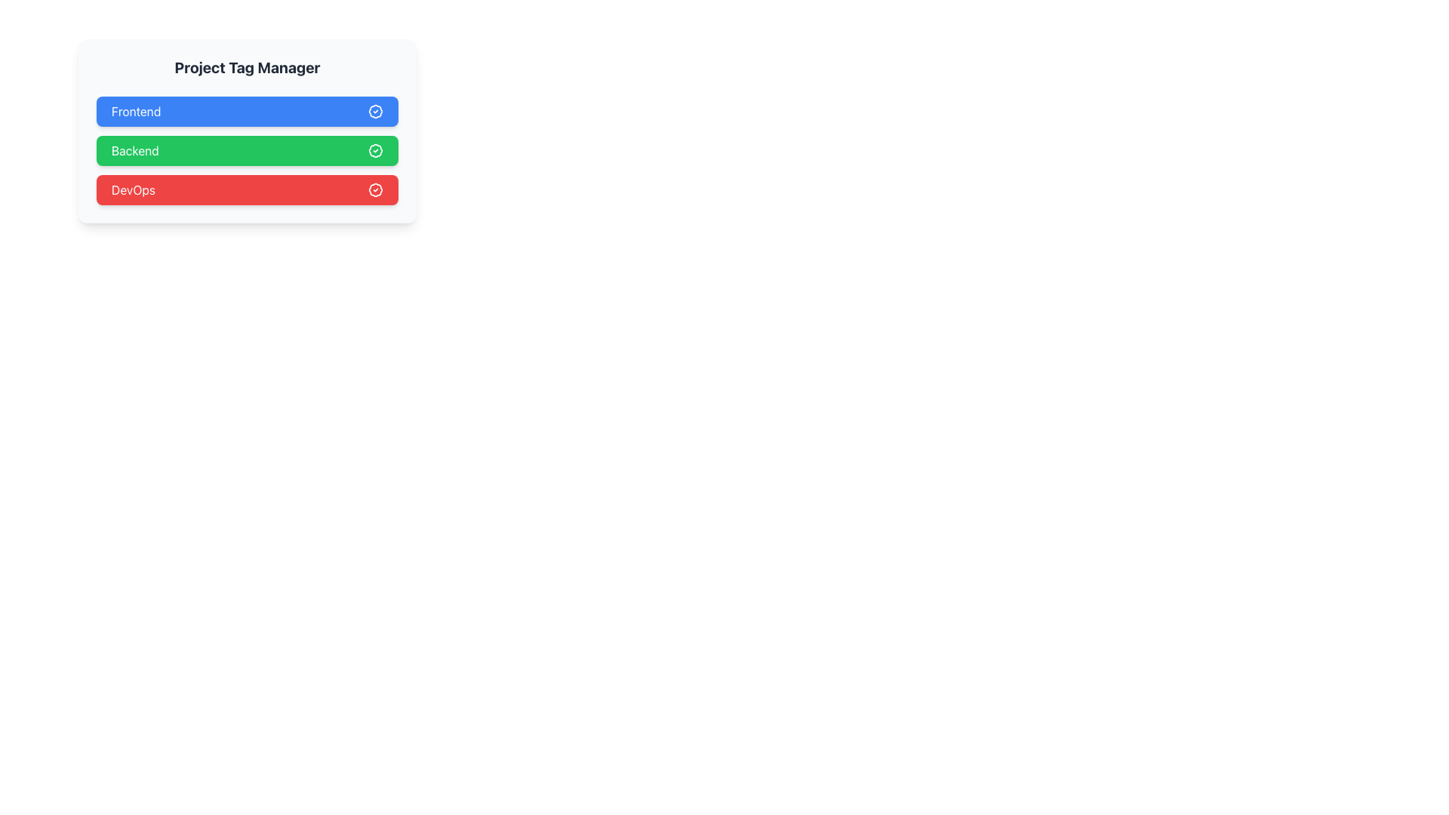  I want to click on the 'DevOps' button, which has a bright red background and white text, so click(247, 189).